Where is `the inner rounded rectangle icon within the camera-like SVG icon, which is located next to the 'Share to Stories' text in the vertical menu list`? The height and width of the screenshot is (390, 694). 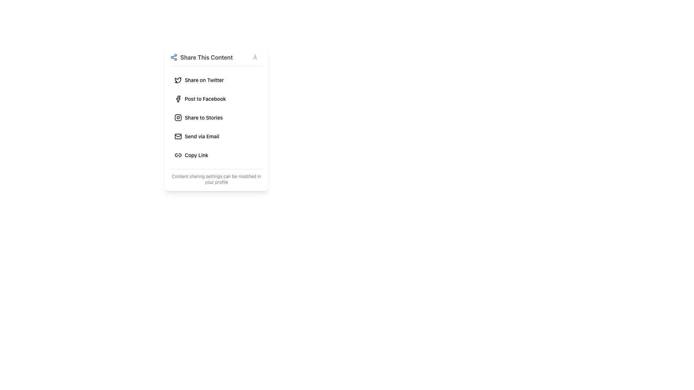
the inner rounded rectangle icon within the camera-like SVG icon, which is located next to the 'Share to Stories' text in the vertical menu list is located at coordinates (178, 117).